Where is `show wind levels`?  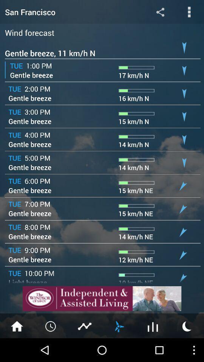 show wind levels is located at coordinates (119, 325).